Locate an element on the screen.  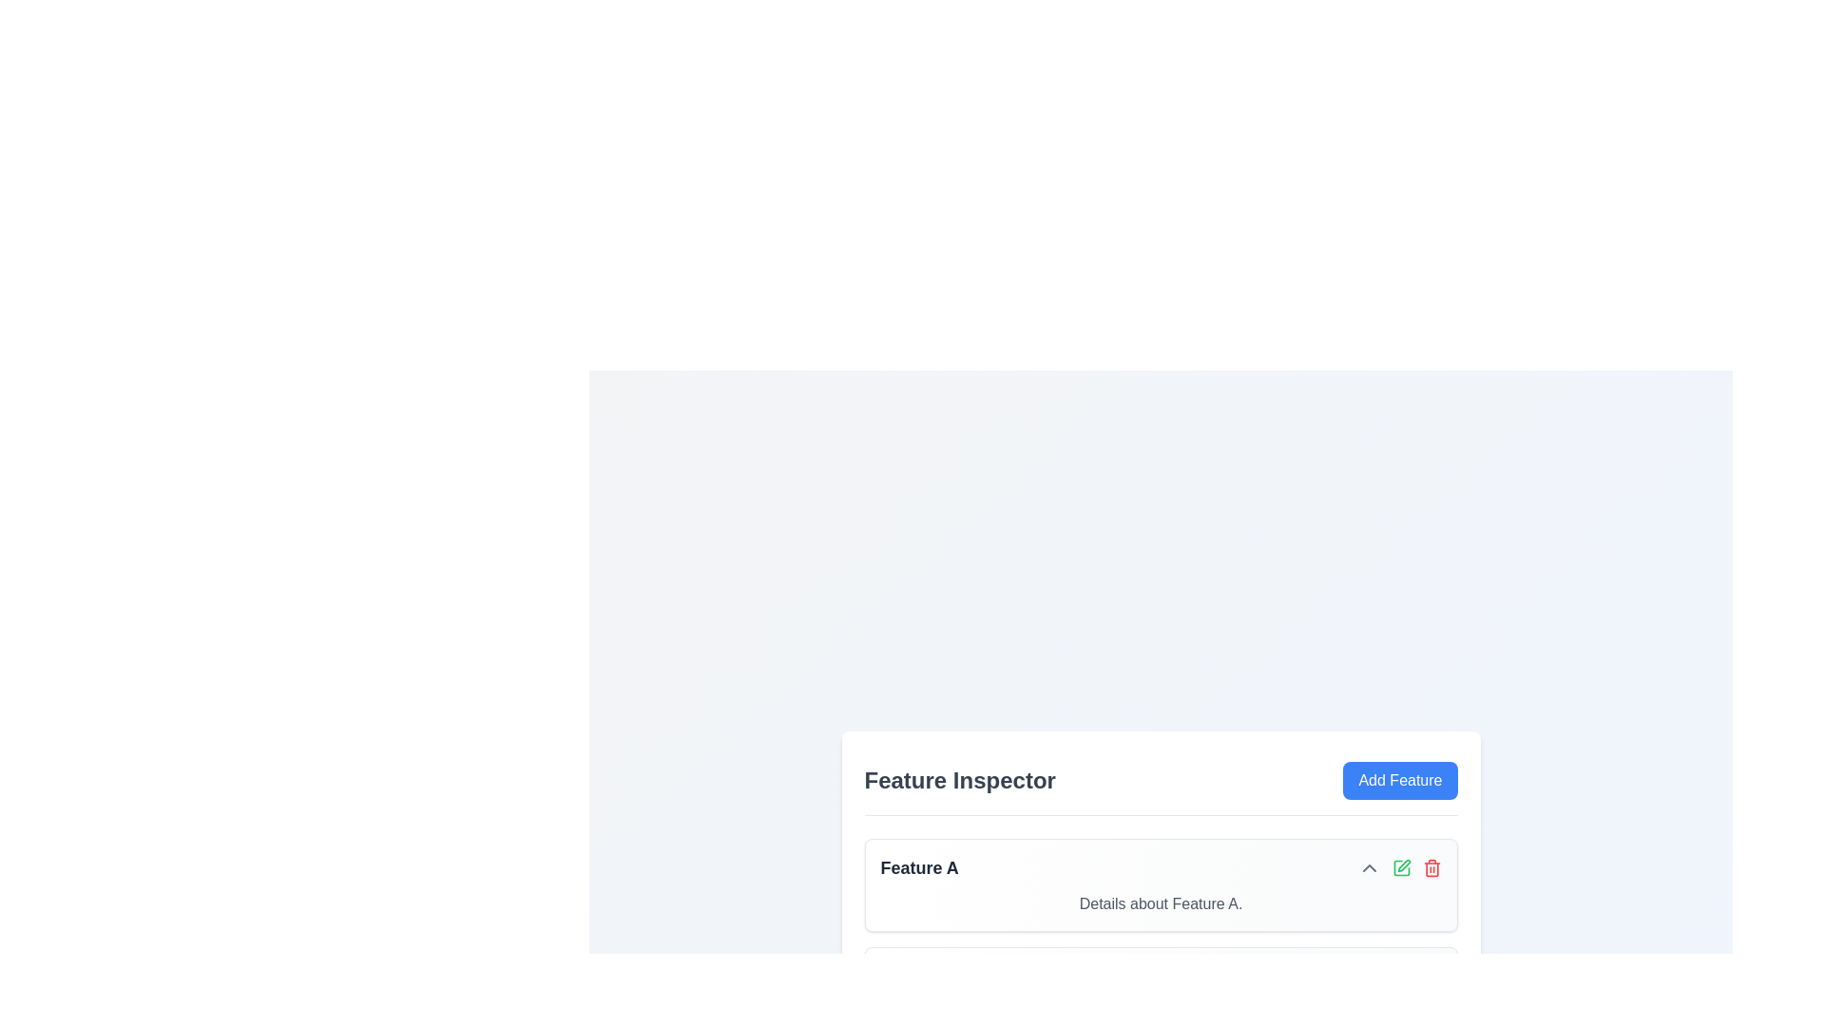
the green pen icon button located in the top-right corner of the feature card is located at coordinates (1401, 867).